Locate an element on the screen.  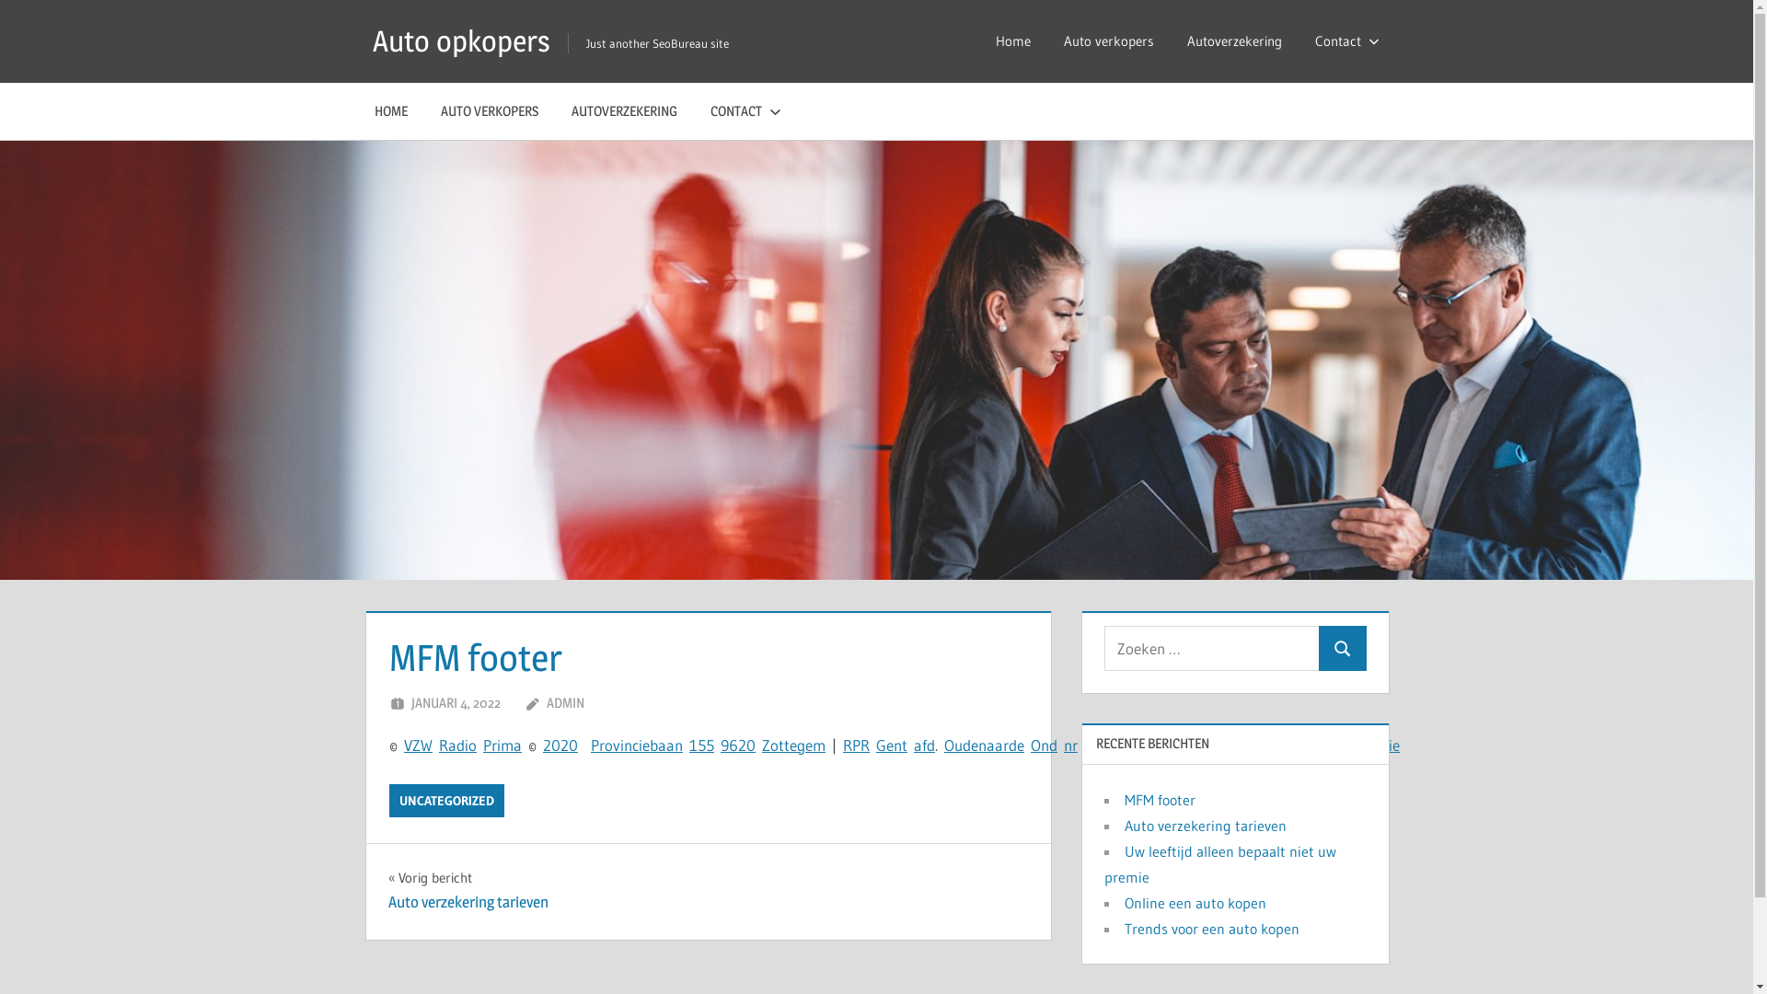
'Auto opkopers' is located at coordinates (461, 40).